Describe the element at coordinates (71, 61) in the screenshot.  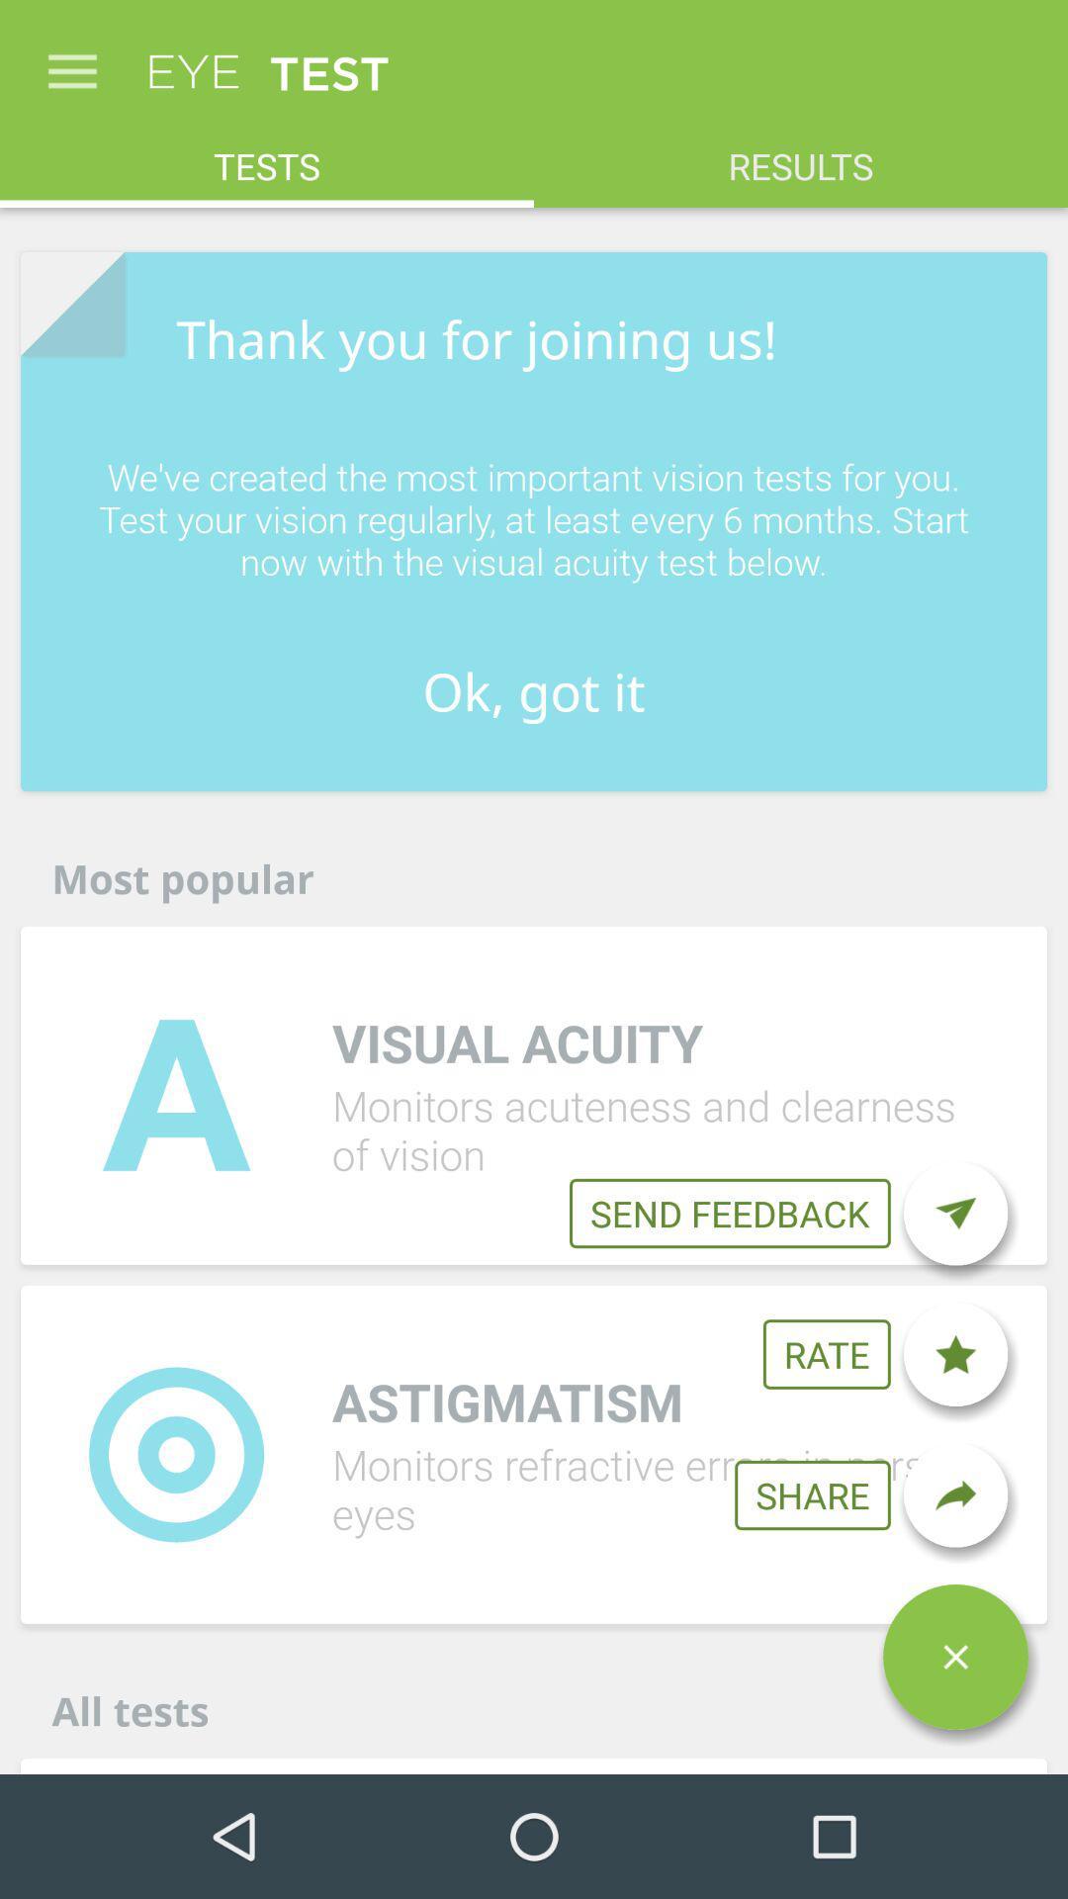
I see `icon next to eye icon` at that location.